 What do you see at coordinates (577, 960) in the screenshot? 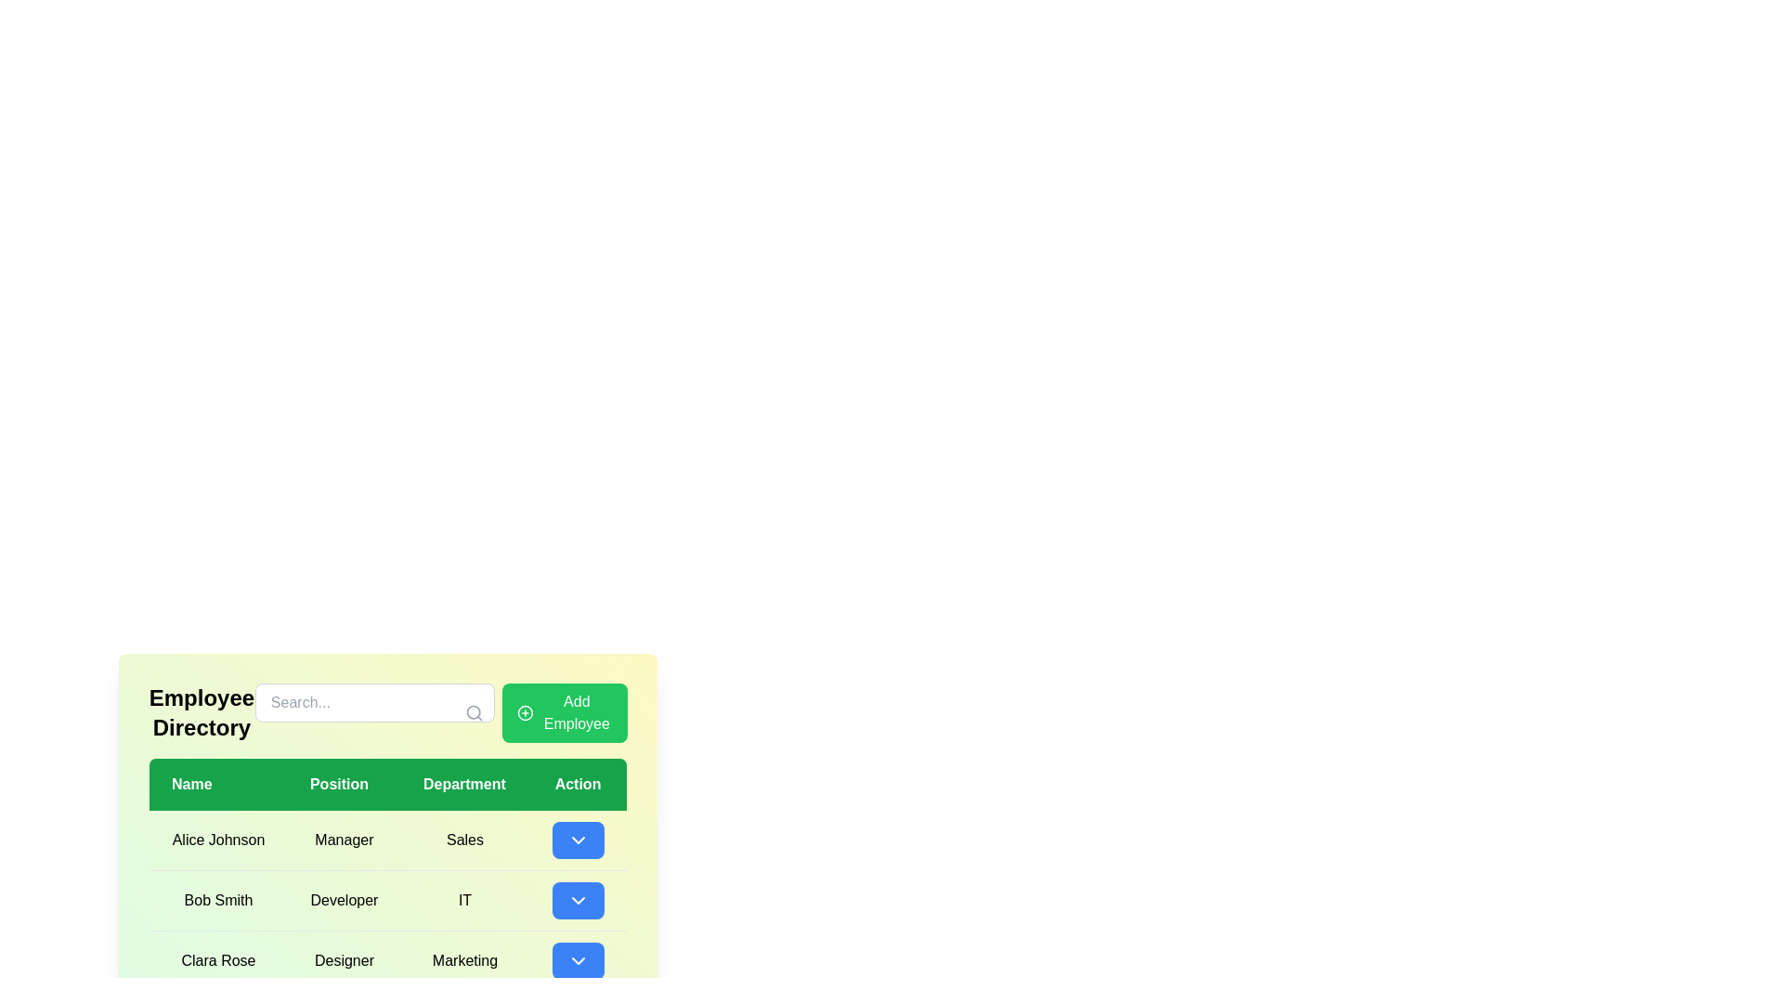
I see `the chevron icon located in the blue button in the third row of the action column` at bounding box center [577, 960].